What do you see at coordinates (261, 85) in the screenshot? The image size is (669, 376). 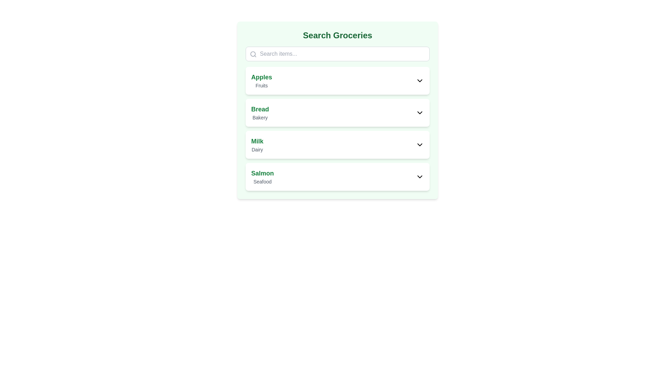 I see `the text label that serves as a category tag for 'Apples' located beneath it in the grocery list` at bounding box center [261, 85].